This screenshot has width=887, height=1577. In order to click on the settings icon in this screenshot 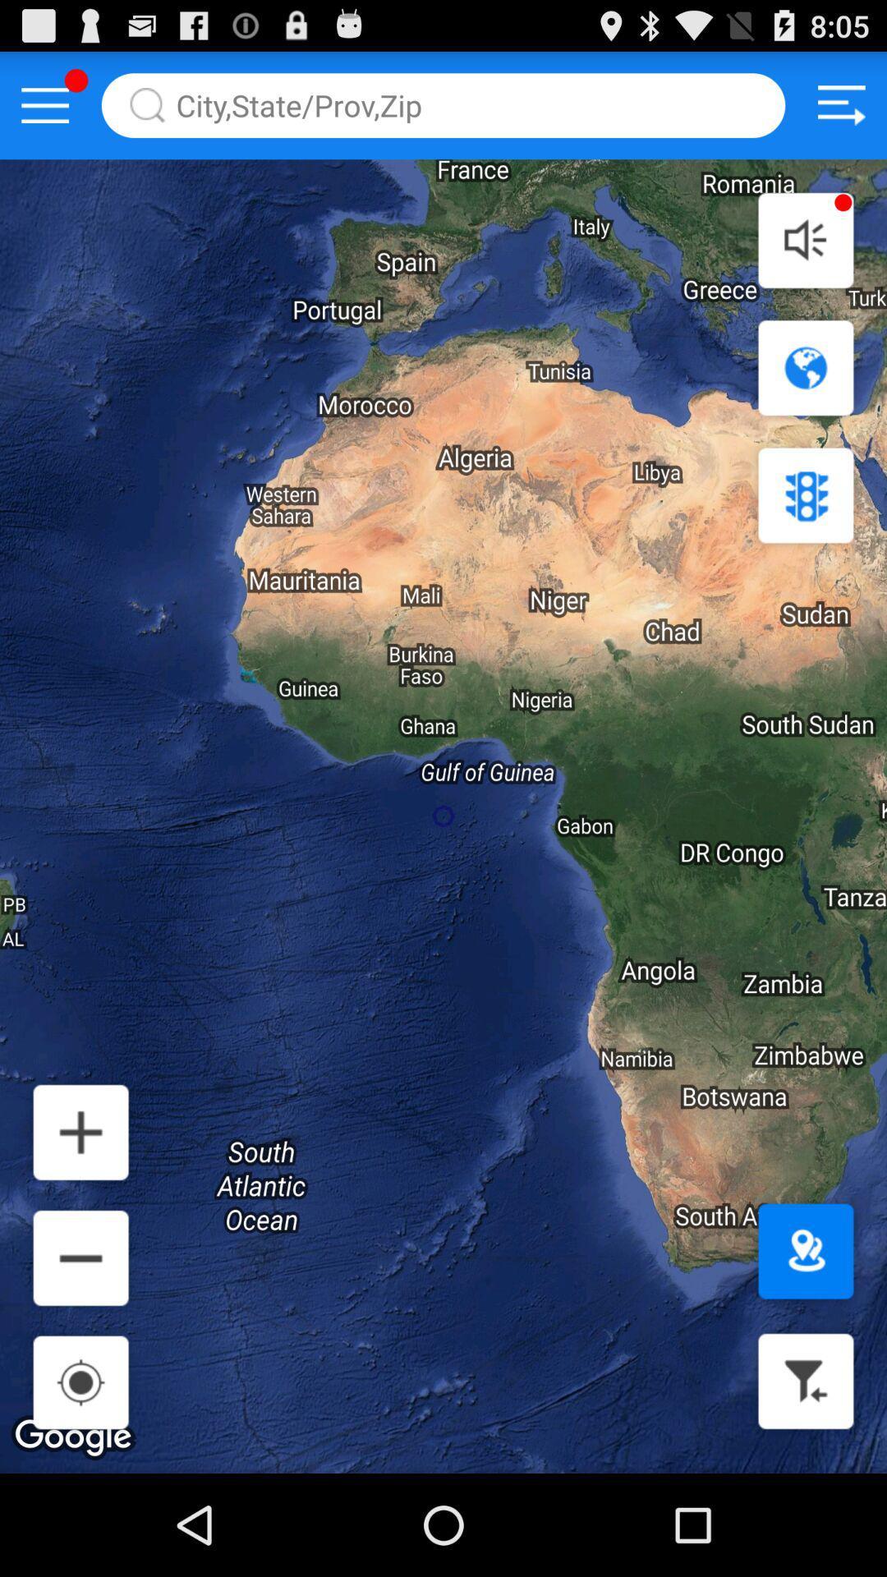, I will do `click(805, 530)`.